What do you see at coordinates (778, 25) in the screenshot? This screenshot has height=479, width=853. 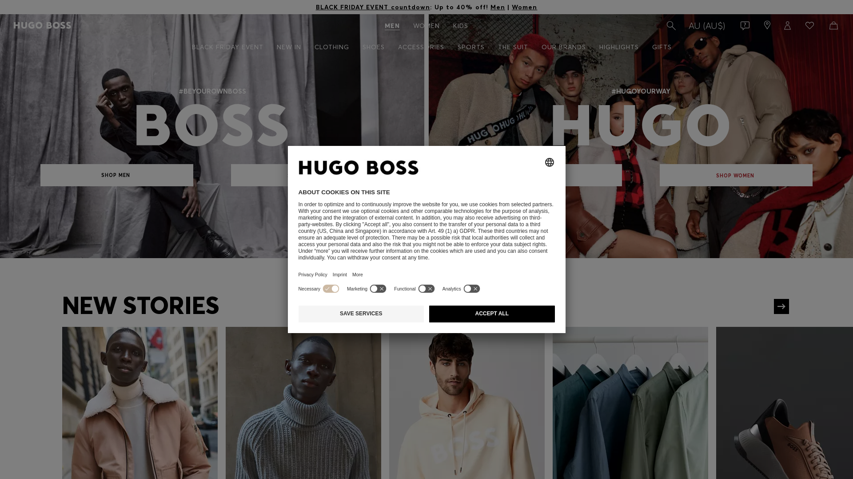 I see `'Login or register'` at bounding box center [778, 25].